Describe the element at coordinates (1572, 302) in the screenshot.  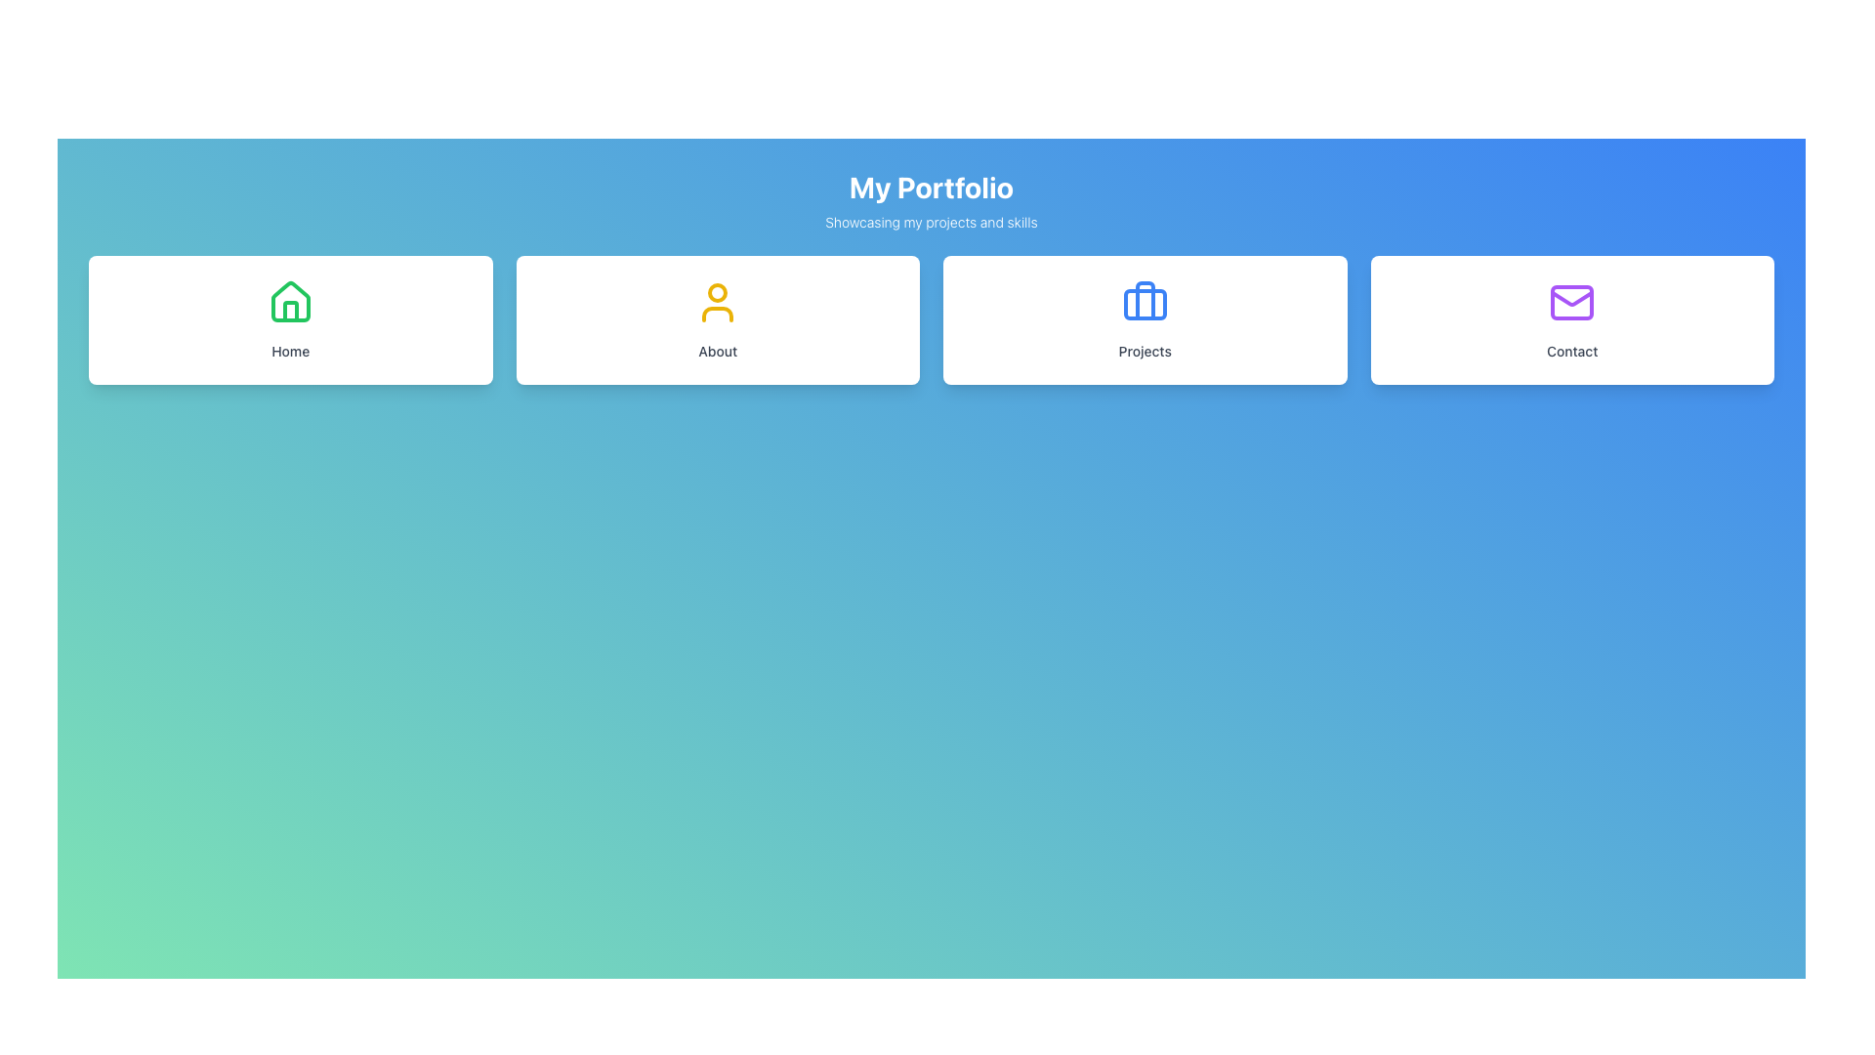
I see `the purple envelope-shaped icon located at the top-center of the 'Contact' card` at that location.